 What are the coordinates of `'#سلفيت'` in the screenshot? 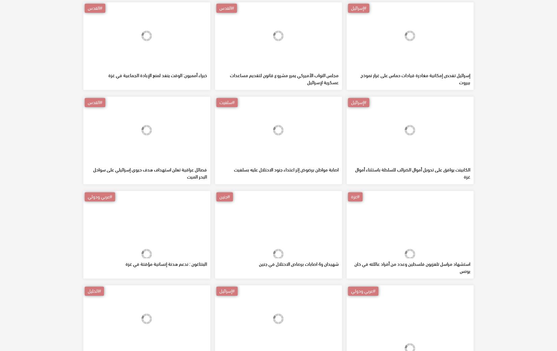 It's located at (218, 151).